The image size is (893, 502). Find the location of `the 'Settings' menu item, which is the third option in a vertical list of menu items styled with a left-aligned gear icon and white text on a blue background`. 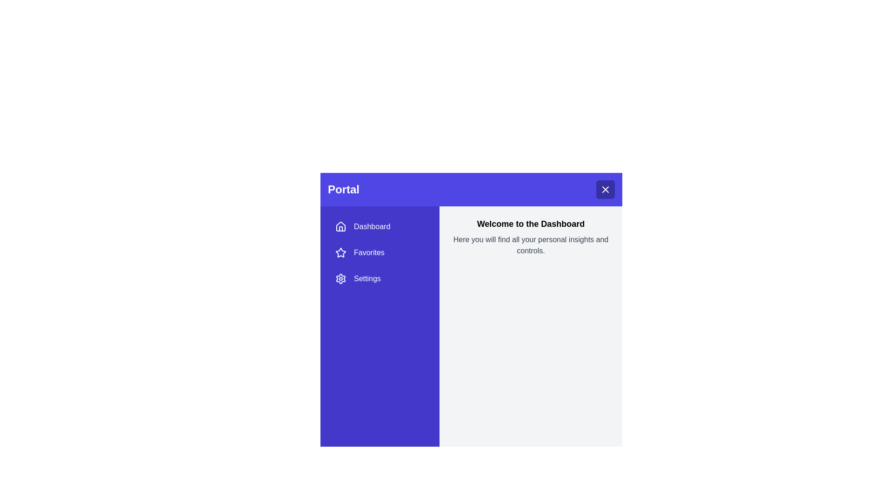

the 'Settings' menu item, which is the third option in a vertical list of menu items styled with a left-aligned gear icon and white text on a blue background is located at coordinates (380, 278).